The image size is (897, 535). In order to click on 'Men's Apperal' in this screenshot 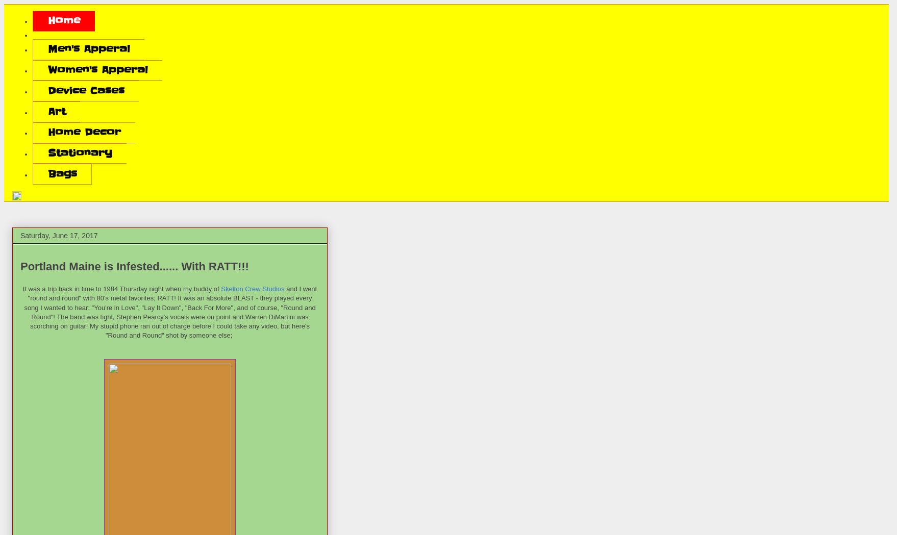, I will do `click(88, 48)`.